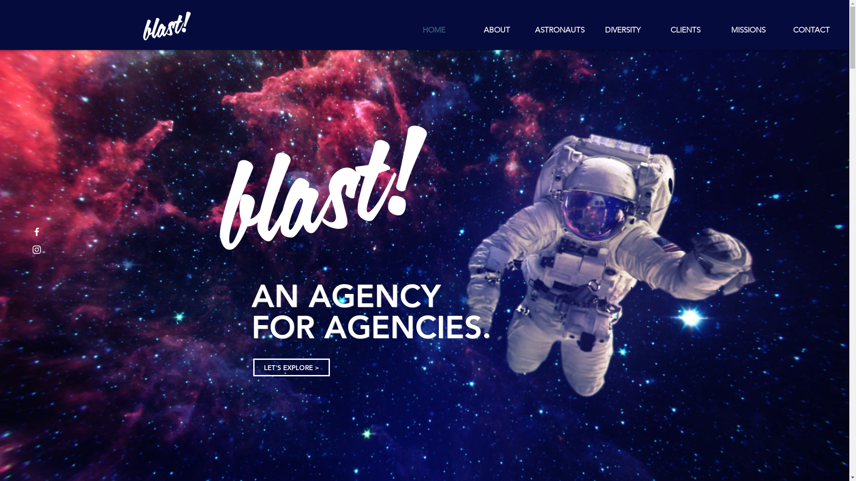  I want to click on 'MISSIONS', so click(717, 29).